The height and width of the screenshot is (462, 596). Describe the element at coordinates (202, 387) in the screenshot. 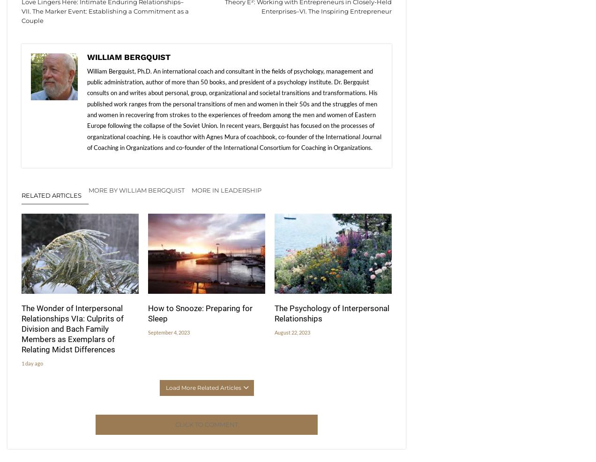

I see `'Load More Related Articles'` at that location.